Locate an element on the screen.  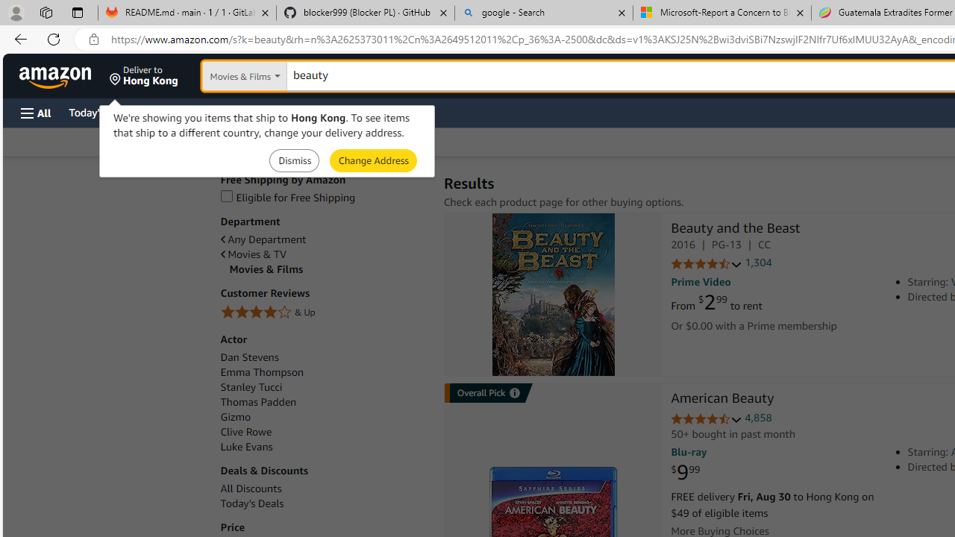
'From $2.99 to rent' is located at coordinates (716, 302).